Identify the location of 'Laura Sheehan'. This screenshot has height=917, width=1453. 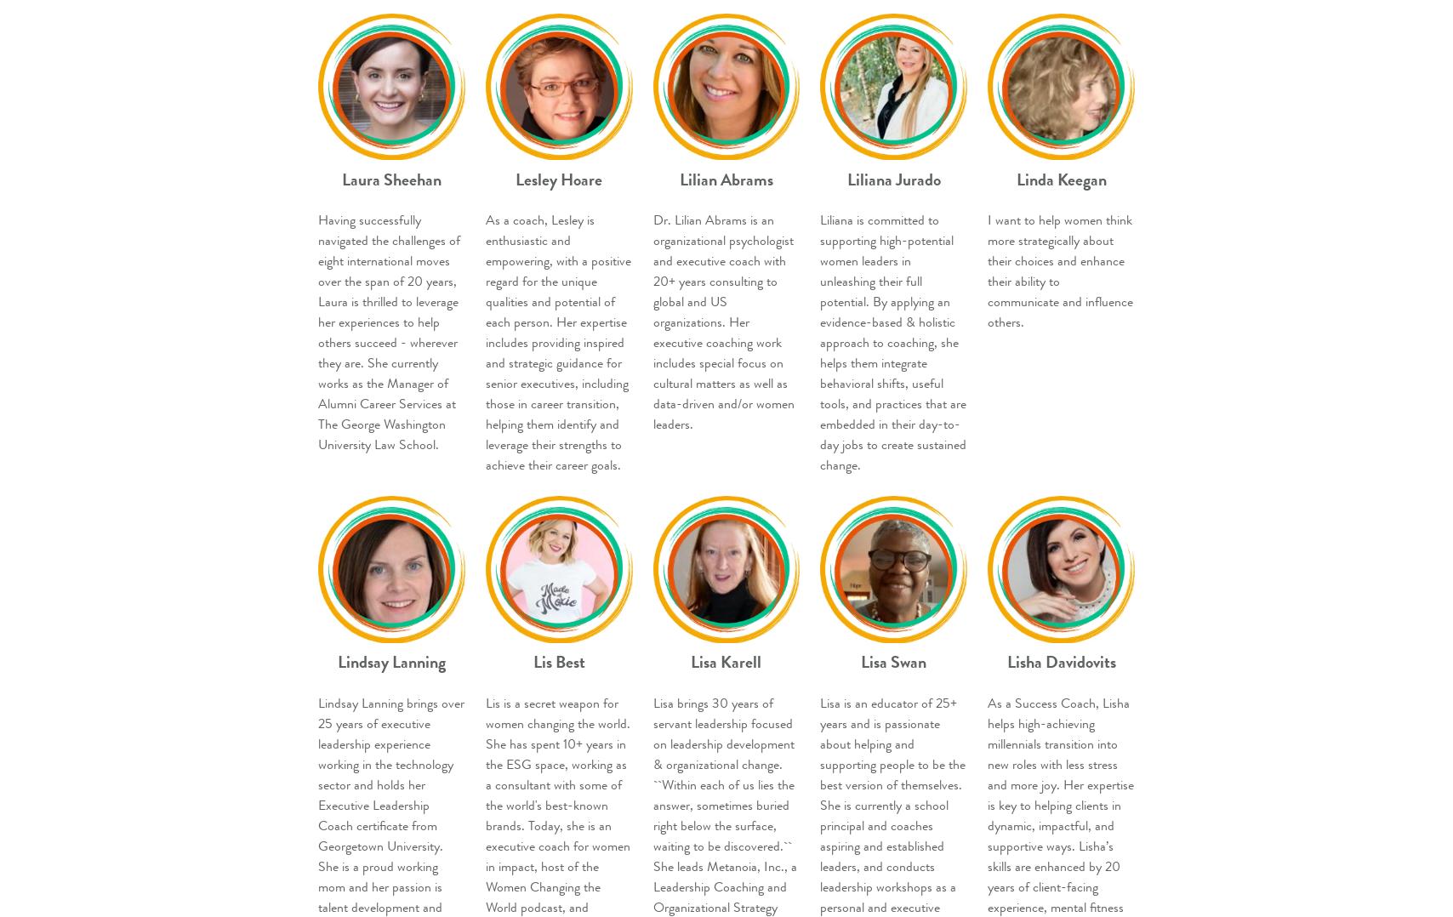
(341, 179).